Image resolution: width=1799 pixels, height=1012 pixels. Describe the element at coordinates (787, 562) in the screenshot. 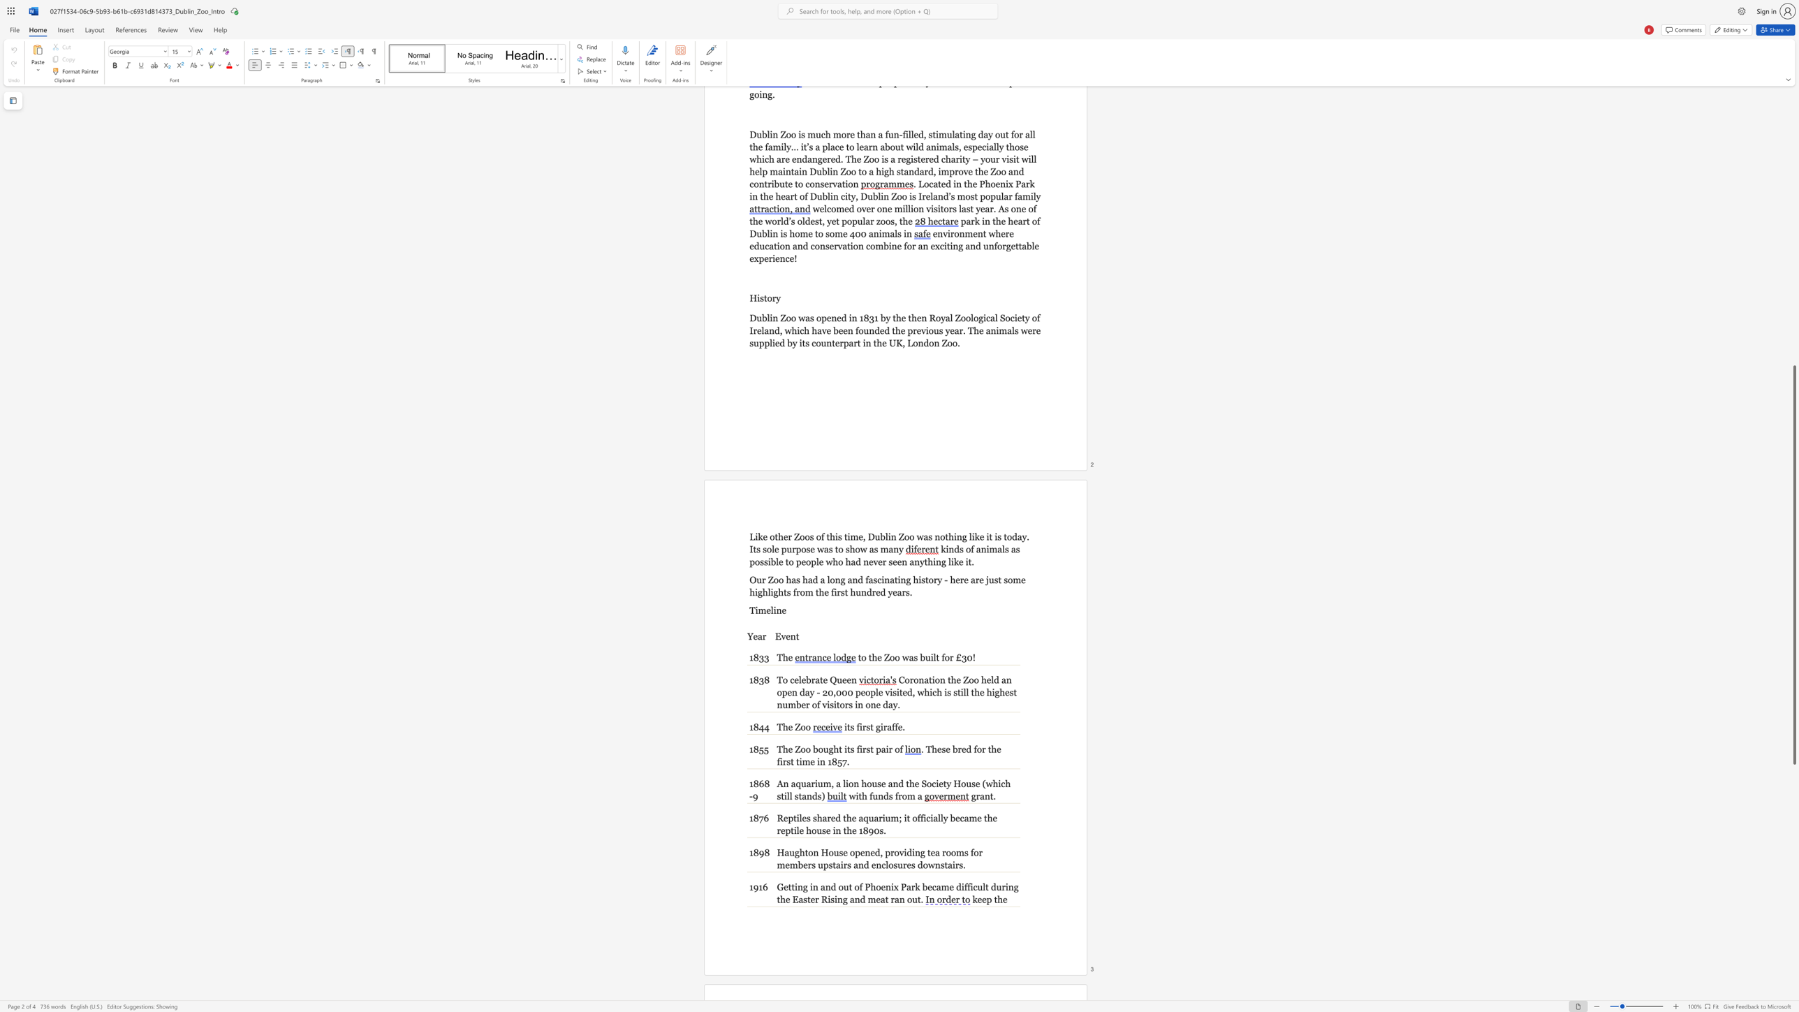

I see `the 1th character "t" in the text` at that location.